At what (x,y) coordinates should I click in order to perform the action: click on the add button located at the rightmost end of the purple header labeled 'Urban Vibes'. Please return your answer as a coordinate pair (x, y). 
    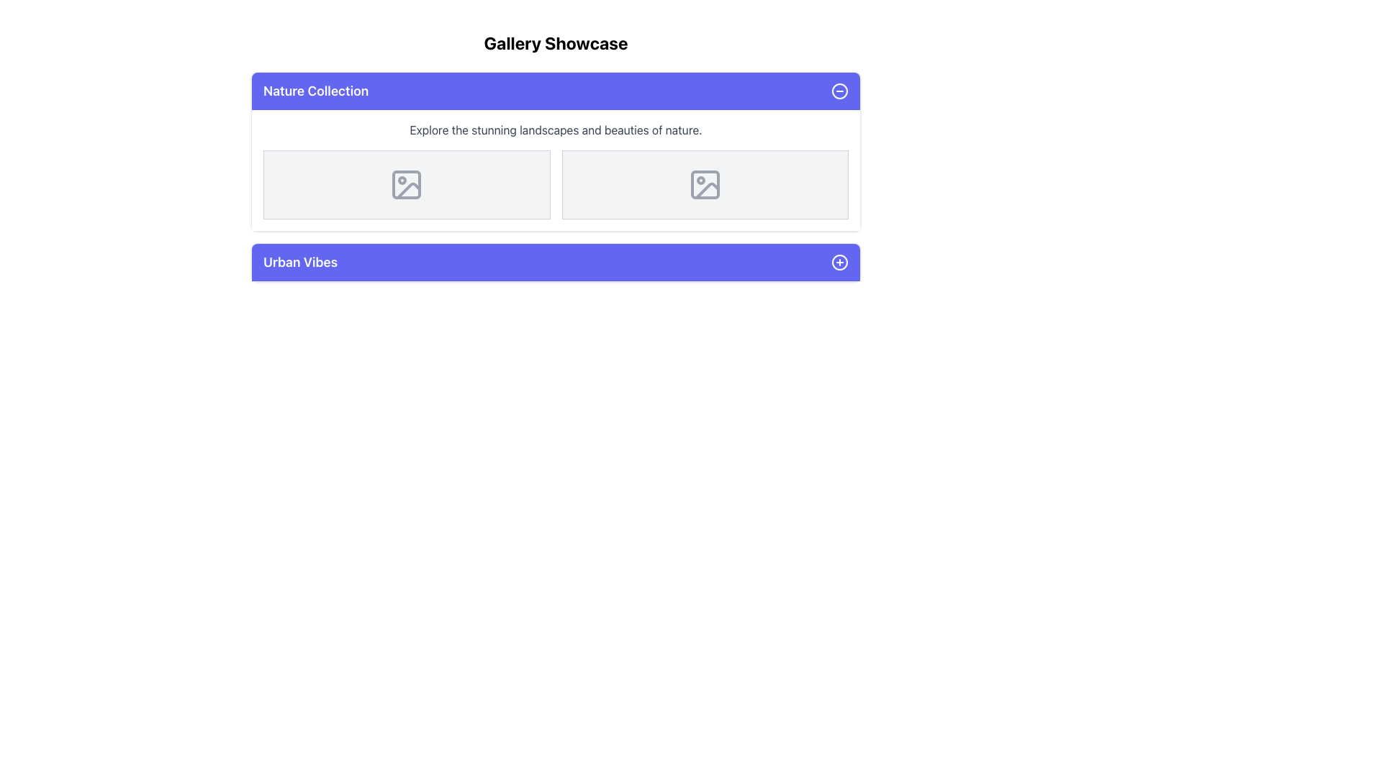
    Looking at the image, I should click on (839, 263).